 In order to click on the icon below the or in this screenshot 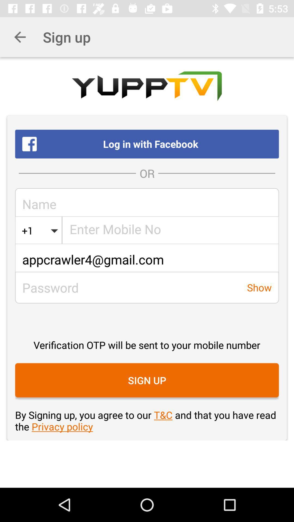, I will do `click(170, 231)`.